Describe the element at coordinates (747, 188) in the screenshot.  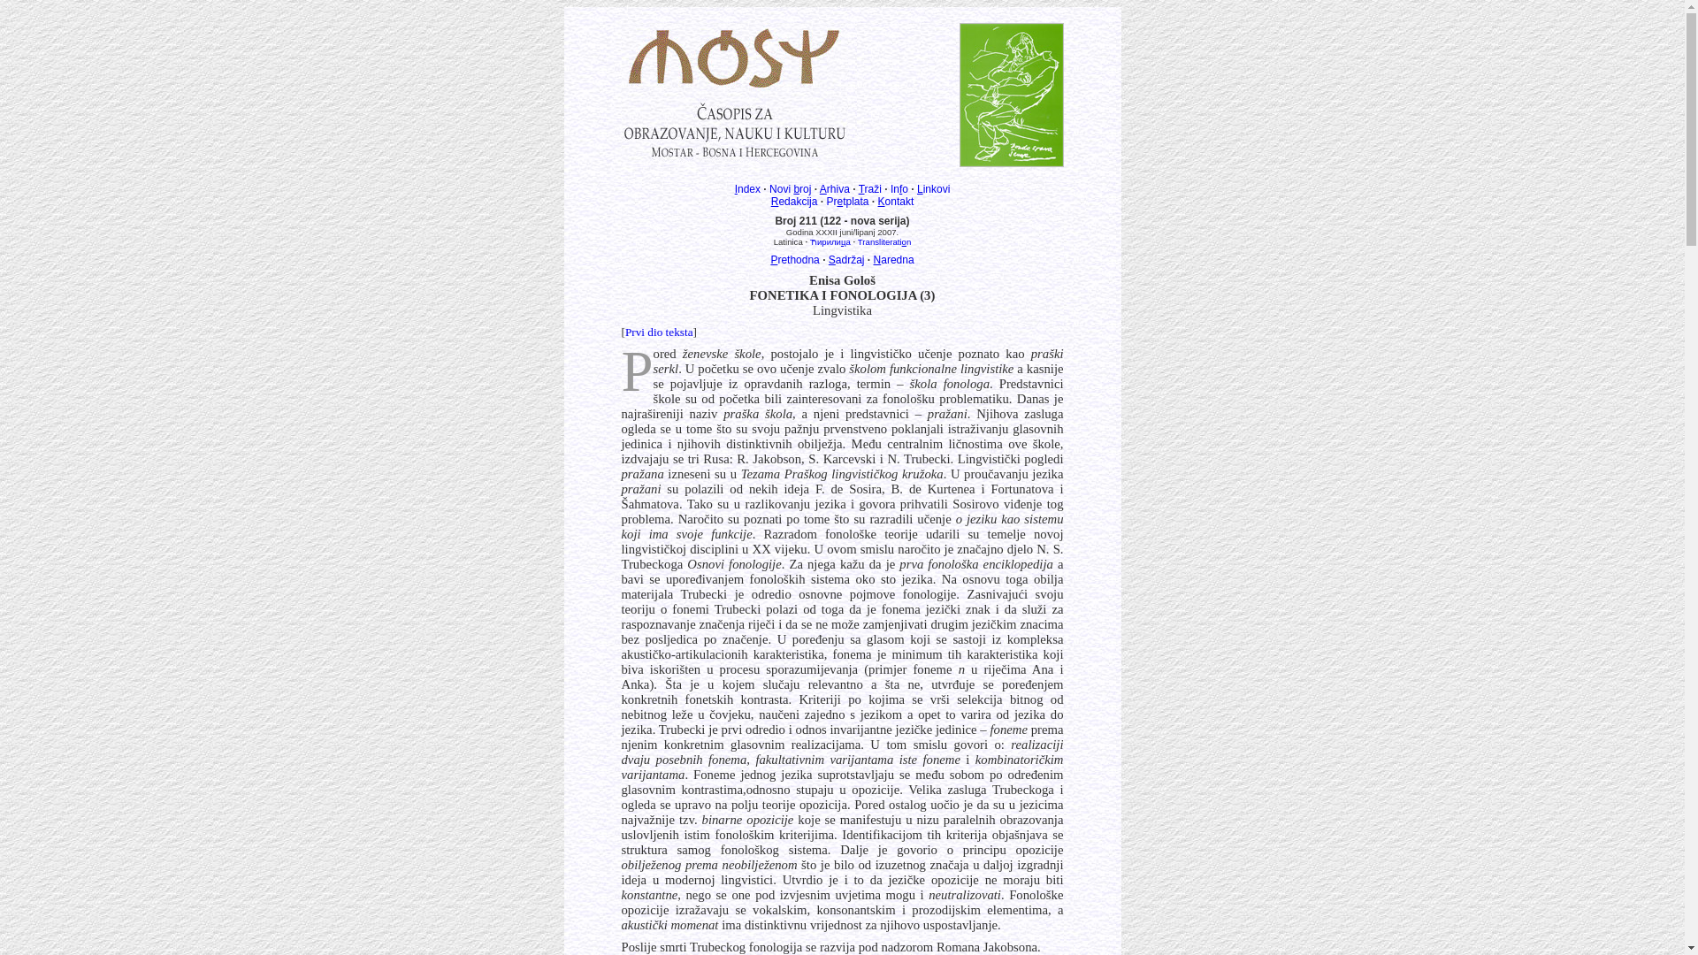
I see `'Index'` at that location.